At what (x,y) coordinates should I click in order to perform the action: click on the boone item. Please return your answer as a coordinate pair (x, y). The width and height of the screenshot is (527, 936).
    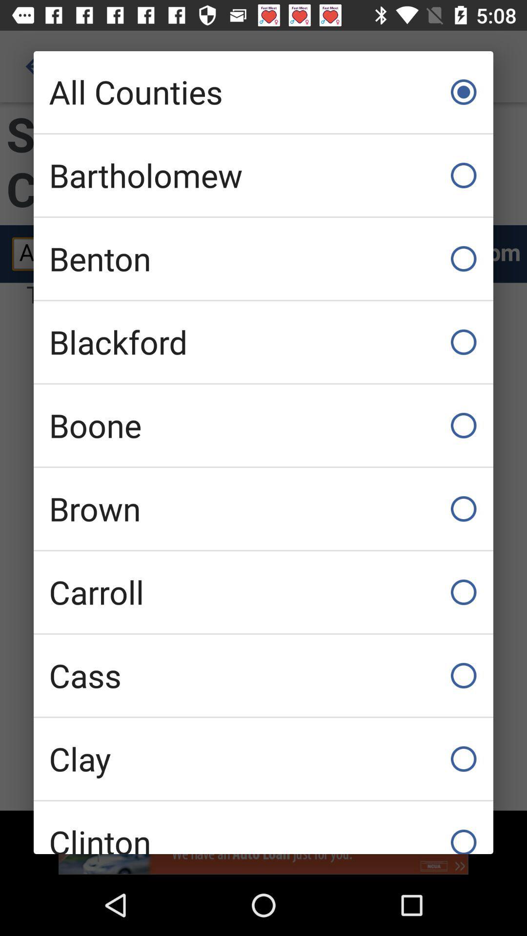
    Looking at the image, I should click on (263, 426).